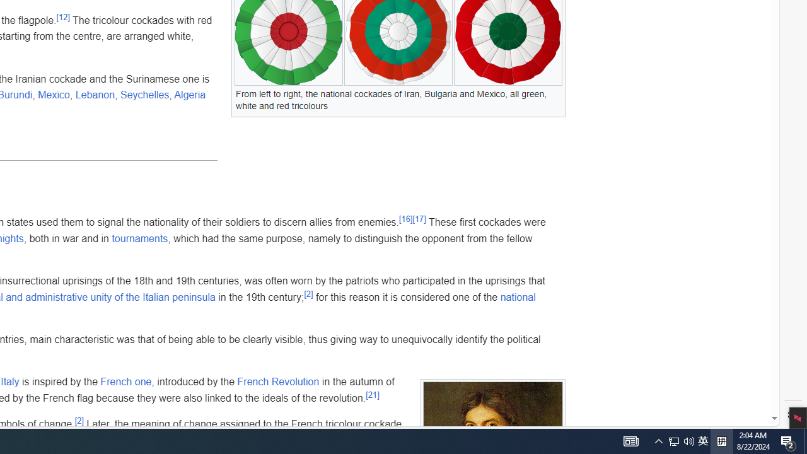  Describe the element at coordinates (125, 381) in the screenshot. I see `'French one'` at that location.